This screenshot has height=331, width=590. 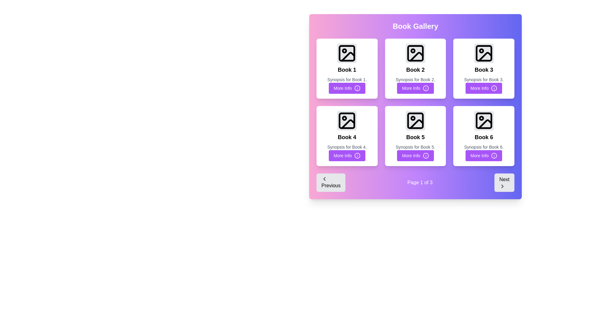 What do you see at coordinates (483, 68) in the screenshot?
I see `the 'Book 3' information card located in the first row, third column of the grid layout` at bounding box center [483, 68].